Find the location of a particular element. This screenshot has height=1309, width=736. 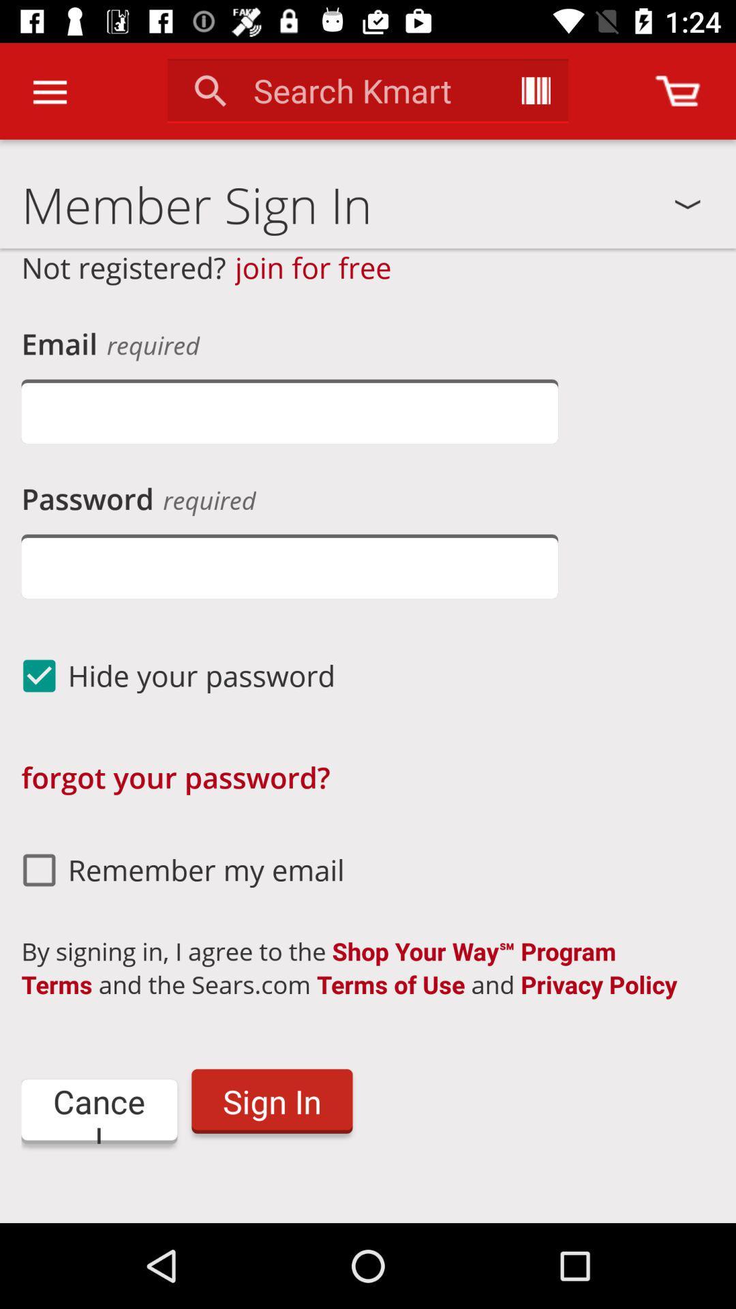

in your email address is located at coordinates (289, 410).